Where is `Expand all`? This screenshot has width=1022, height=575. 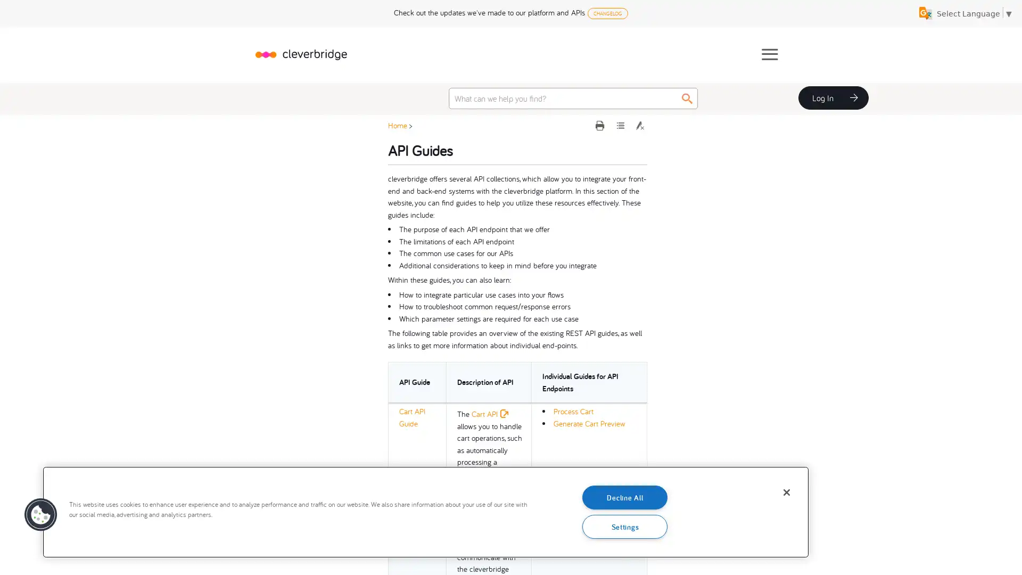 Expand all is located at coordinates (621, 125).